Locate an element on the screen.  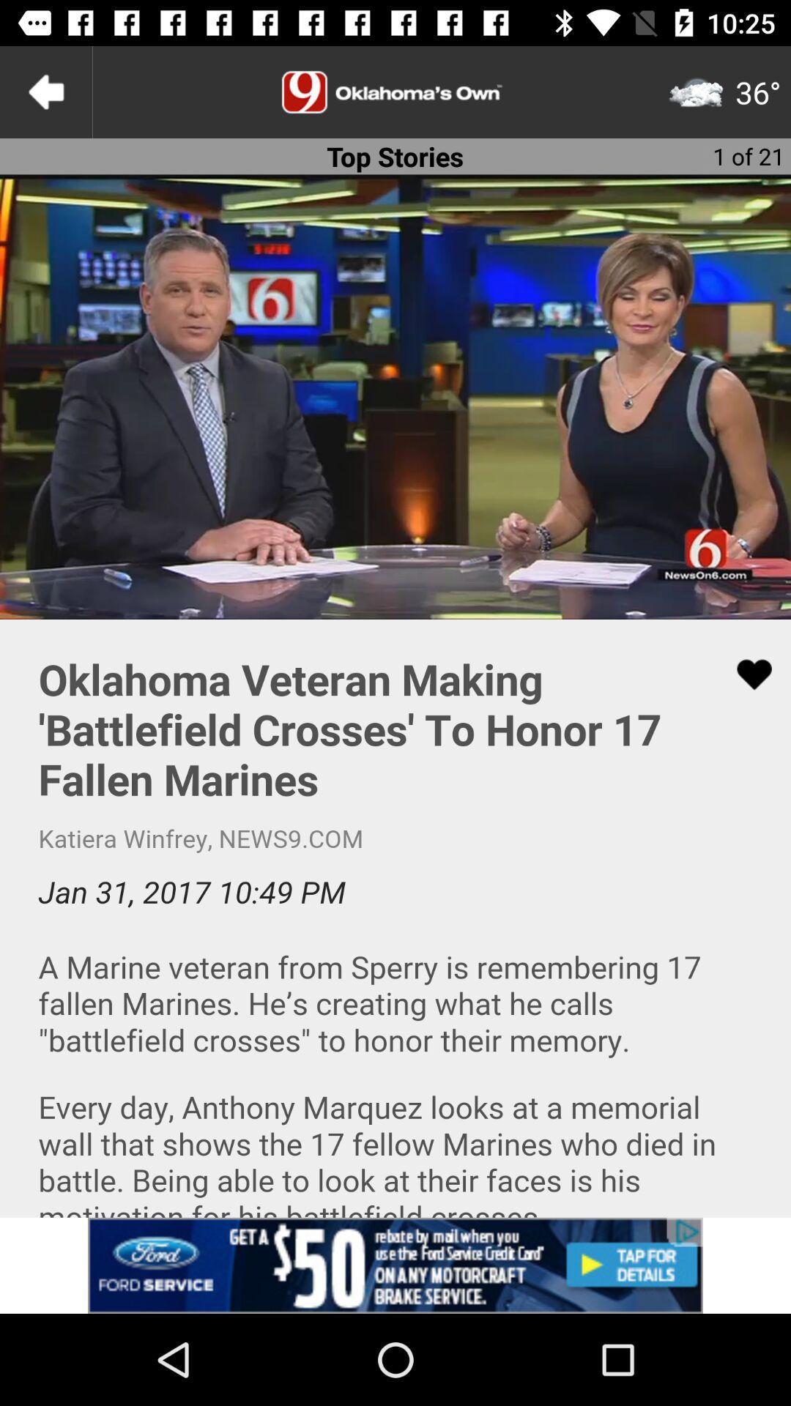
like is located at coordinates (745, 674).